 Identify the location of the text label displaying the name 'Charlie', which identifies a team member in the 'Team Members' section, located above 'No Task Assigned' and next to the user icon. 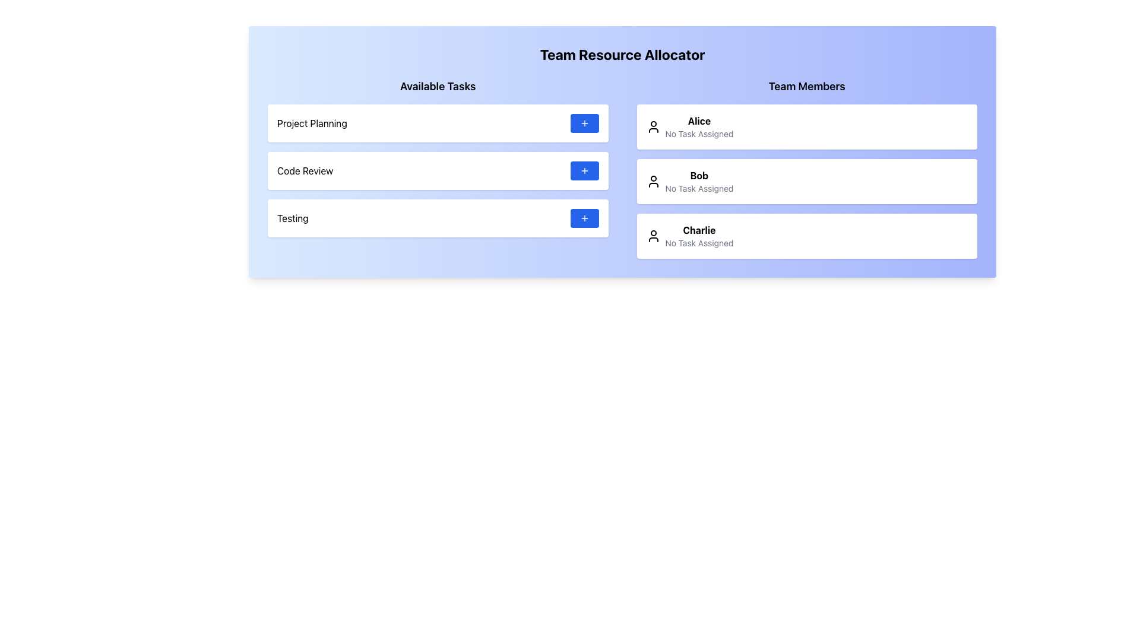
(699, 230).